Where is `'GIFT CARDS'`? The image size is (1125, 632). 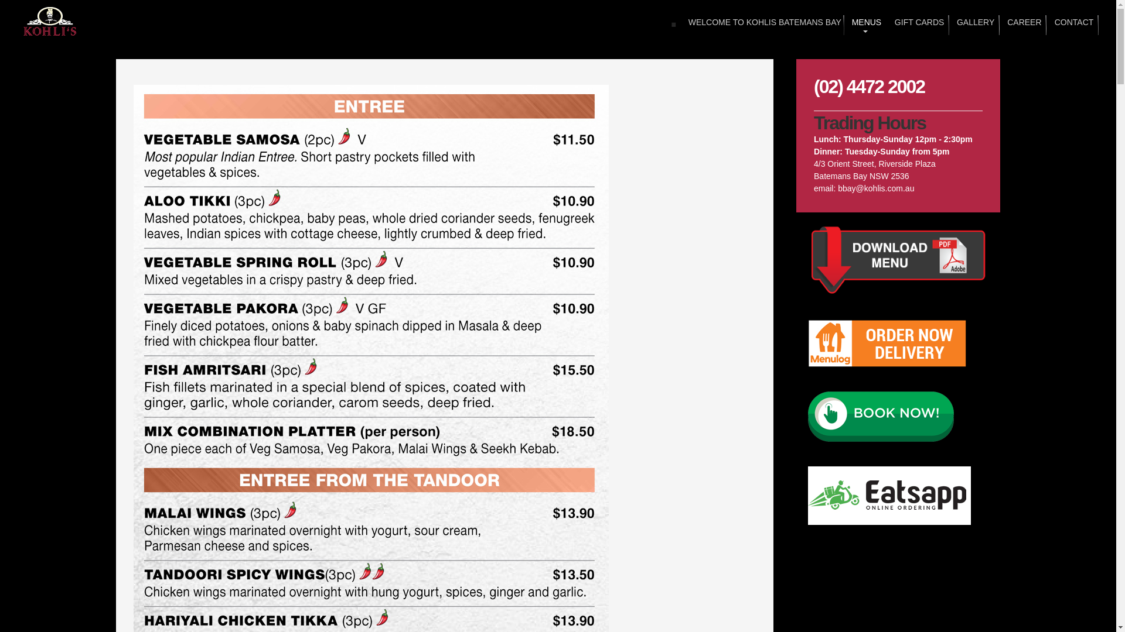 'GIFT CARDS' is located at coordinates (917, 25).